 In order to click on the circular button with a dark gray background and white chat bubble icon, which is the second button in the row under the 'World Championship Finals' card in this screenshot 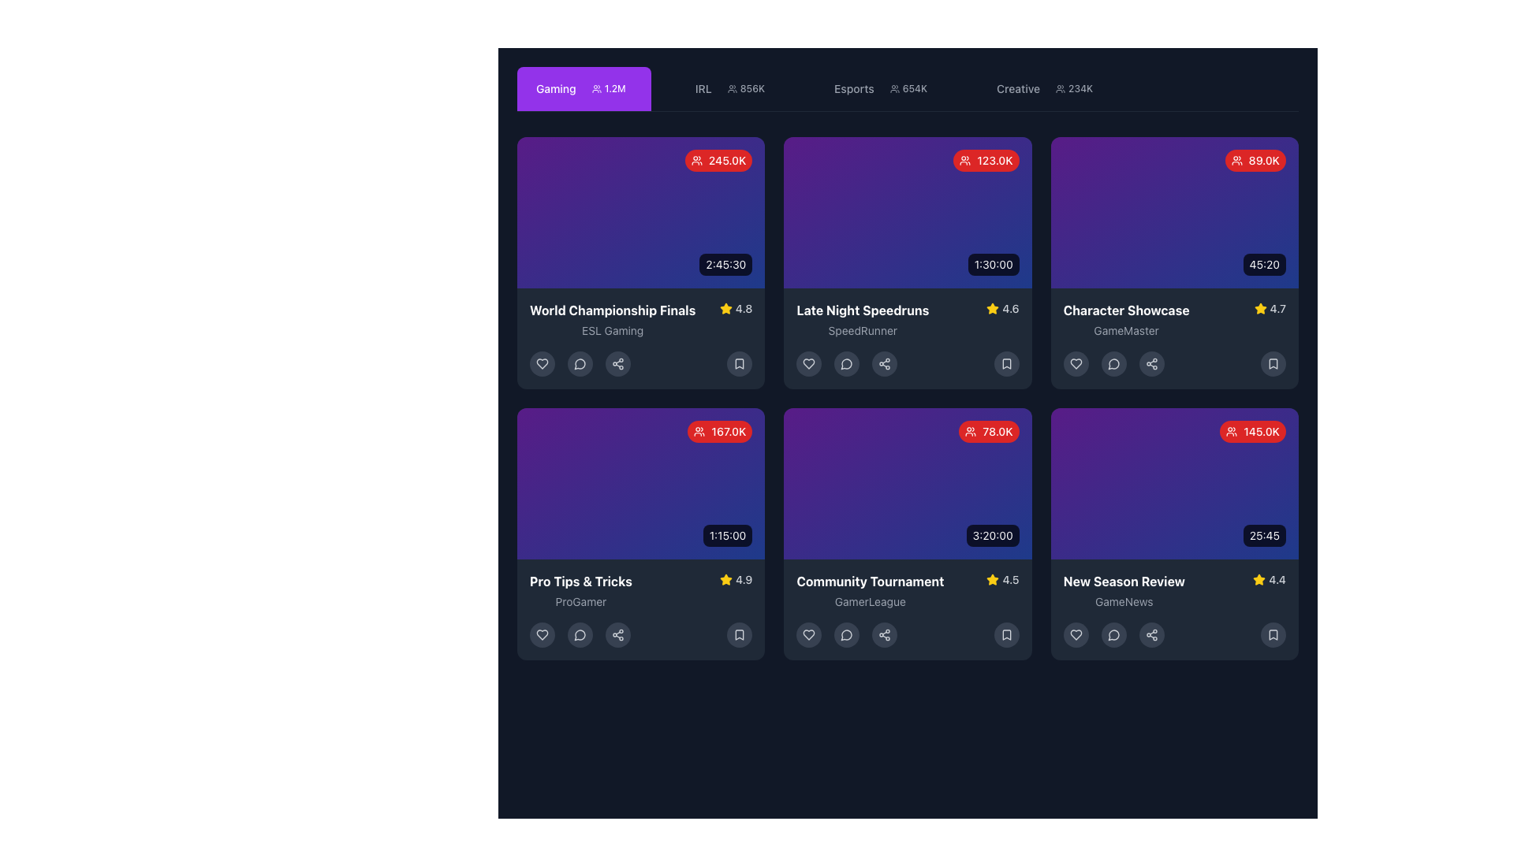, I will do `click(579, 364)`.